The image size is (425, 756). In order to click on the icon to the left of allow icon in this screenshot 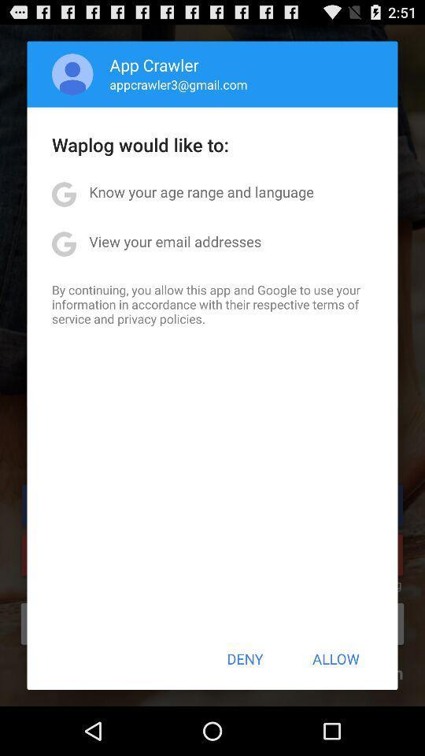, I will do `click(245, 658)`.